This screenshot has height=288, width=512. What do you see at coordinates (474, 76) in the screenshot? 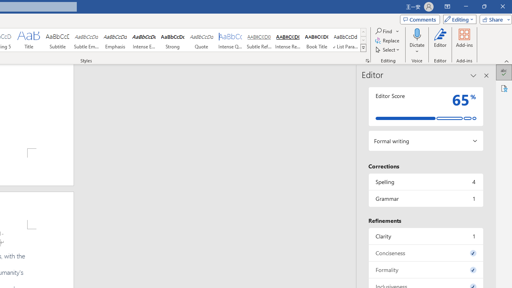
I see `'Task Pane Options'` at bounding box center [474, 76].